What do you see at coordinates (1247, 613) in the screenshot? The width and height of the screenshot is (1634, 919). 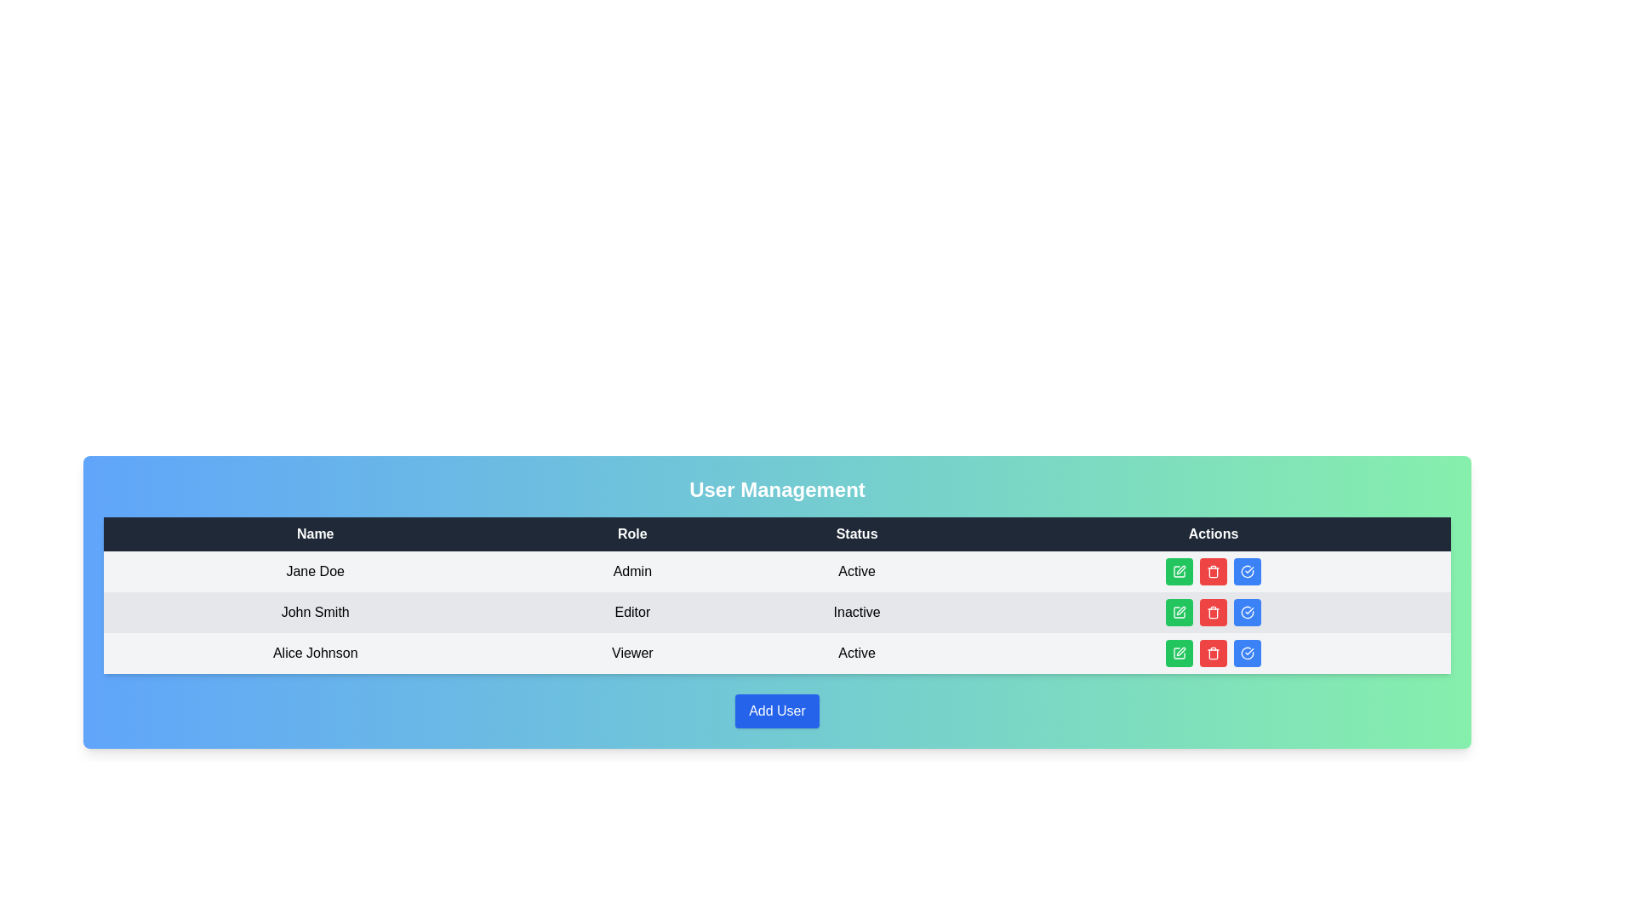 I see `the blue button with rounded corners and a circular checkmark icon, which is the third action button in the 'Actions' column of the table` at bounding box center [1247, 613].